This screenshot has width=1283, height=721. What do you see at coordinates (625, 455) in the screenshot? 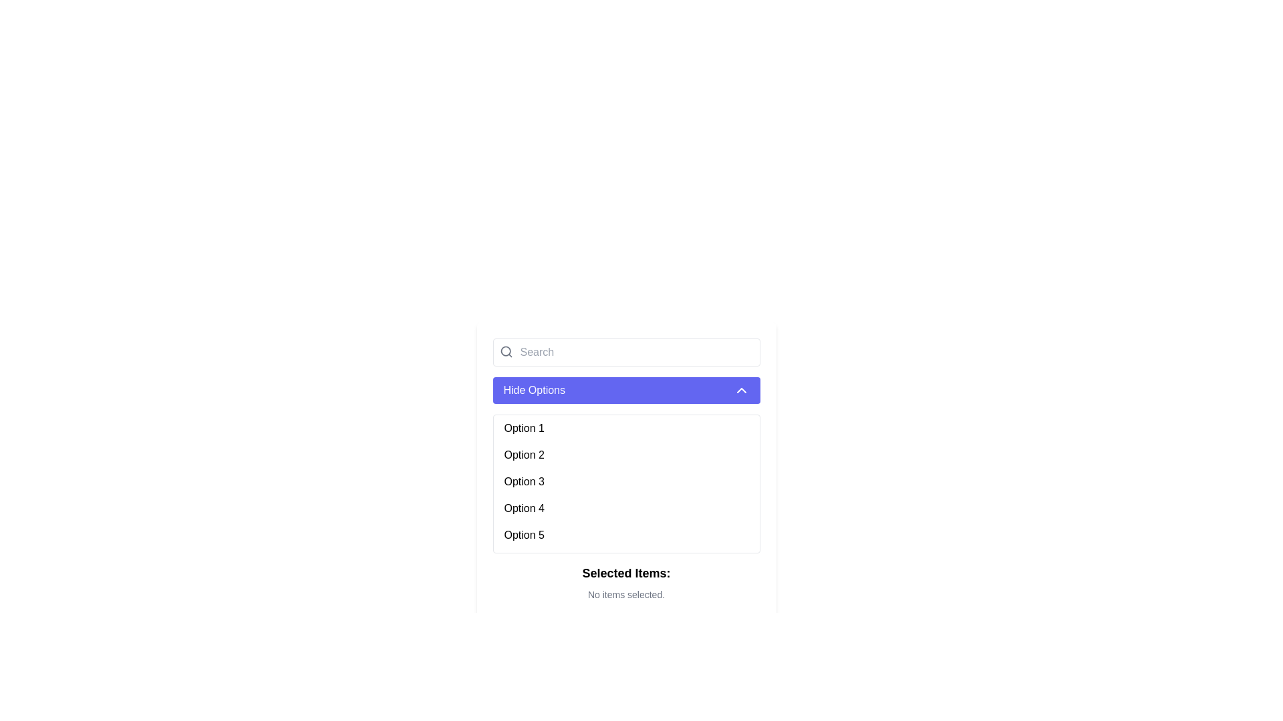
I see `the 'Option 2' element in the dropdown menu` at bounding box center [625, 455].